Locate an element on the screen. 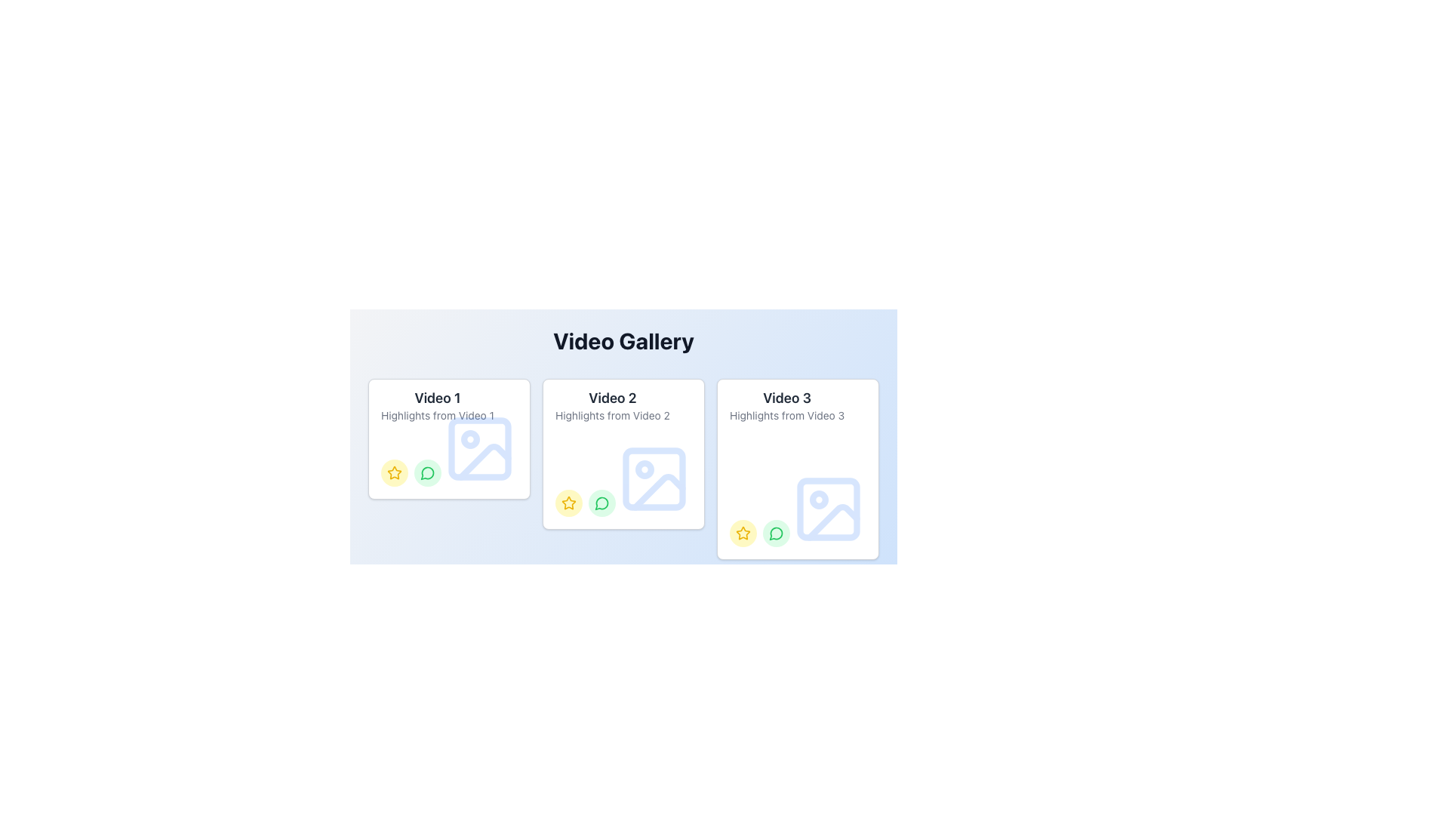  the second text label that provides descriptive information about 'Video 1', which is located immediately below the heading 'Video 1' in the leftmost video card of the grid is located at coordinates (437, 416).